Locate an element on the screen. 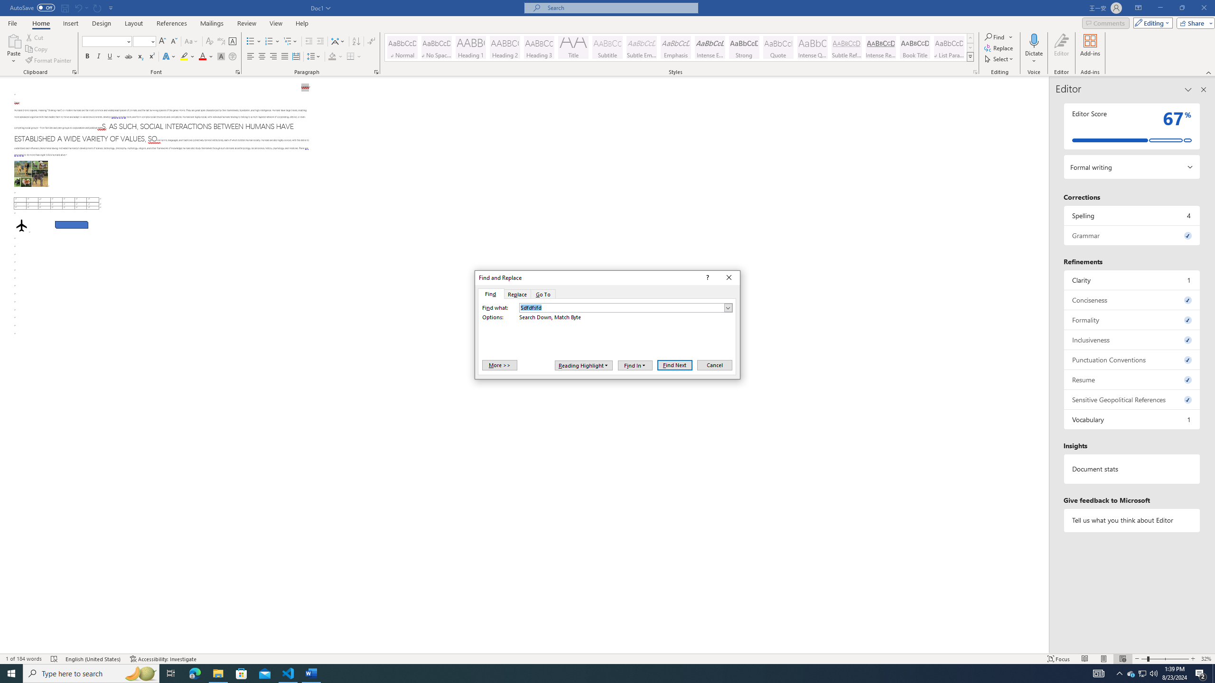 The image size is (1215, 683). 'Formality, 0 issues. Press space or enter to review items.' is located at coordinates (1131, 320).